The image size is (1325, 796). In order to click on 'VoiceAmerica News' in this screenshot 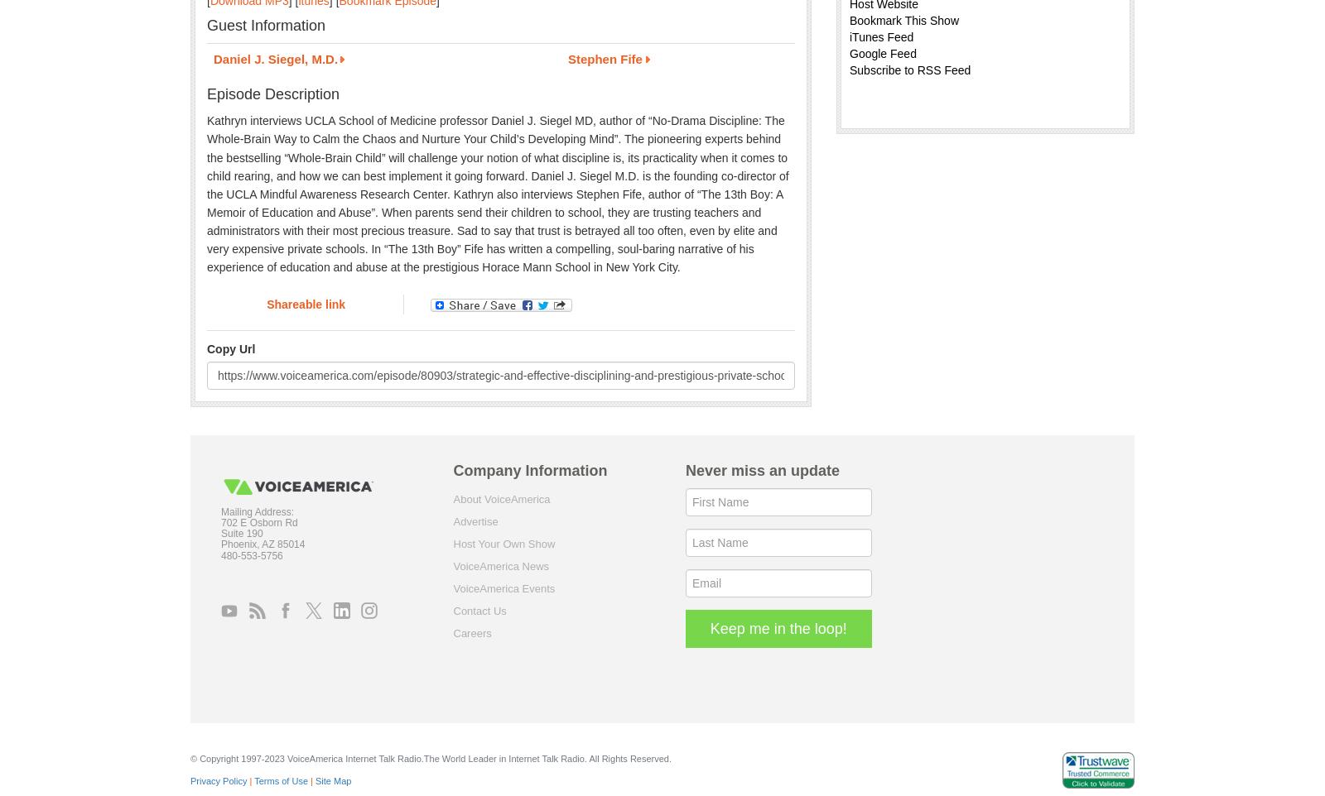, I will do `click(500, 564)`.